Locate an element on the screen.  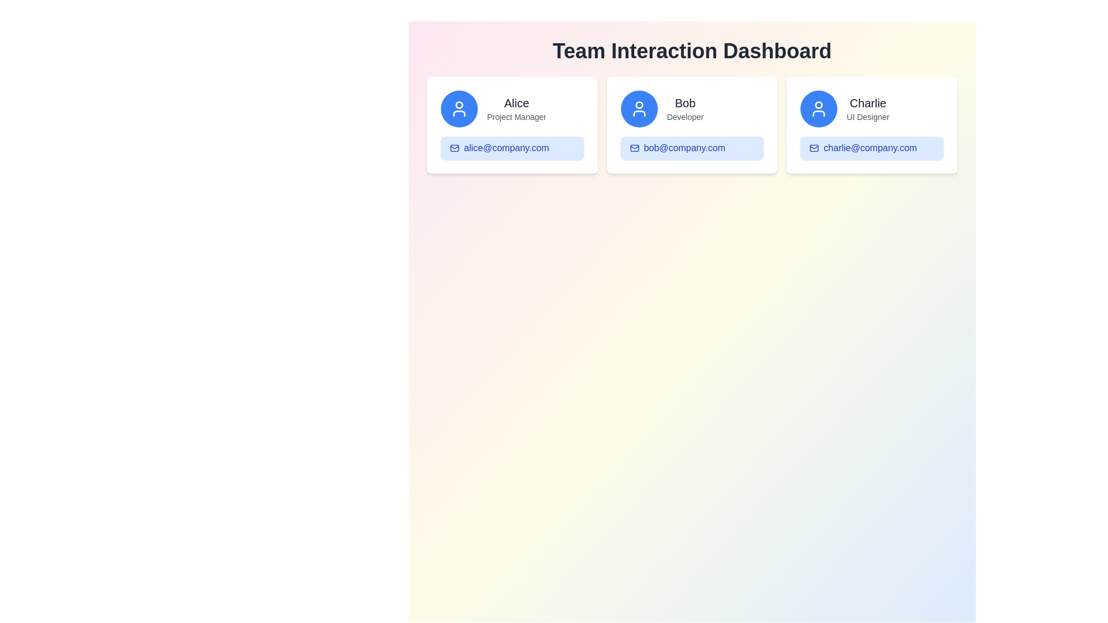
the small blue outlined envelope icon representing the email action located next to 'charlie@company.com' in the 'Charlie' card of the 'Team Interaction Dashboard' is located at coordinates (814, 148).